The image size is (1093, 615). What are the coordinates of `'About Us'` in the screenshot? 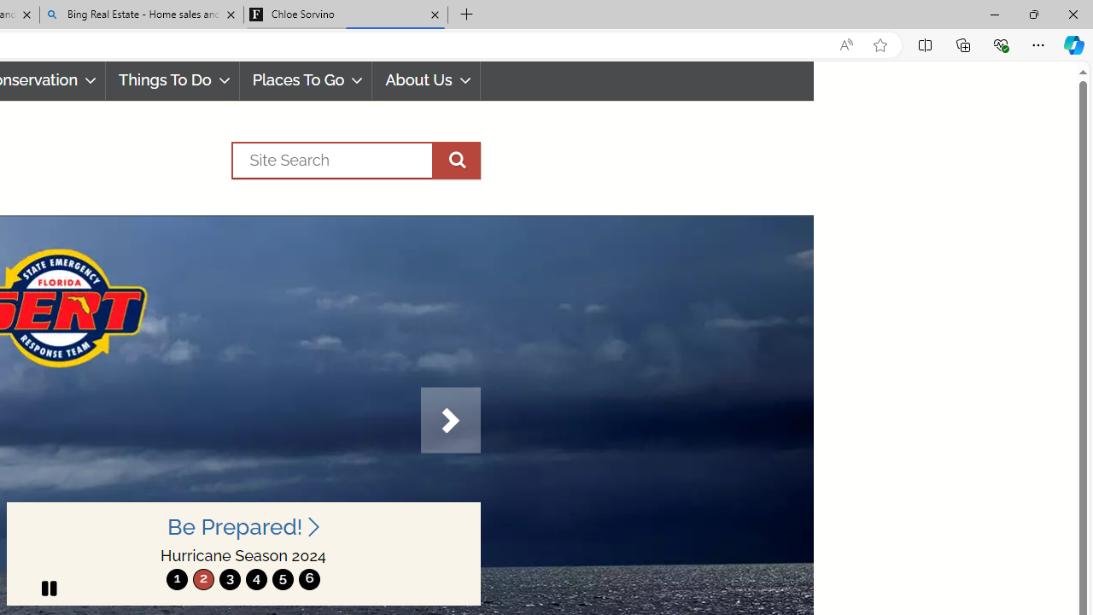 It's located at (426, 80).